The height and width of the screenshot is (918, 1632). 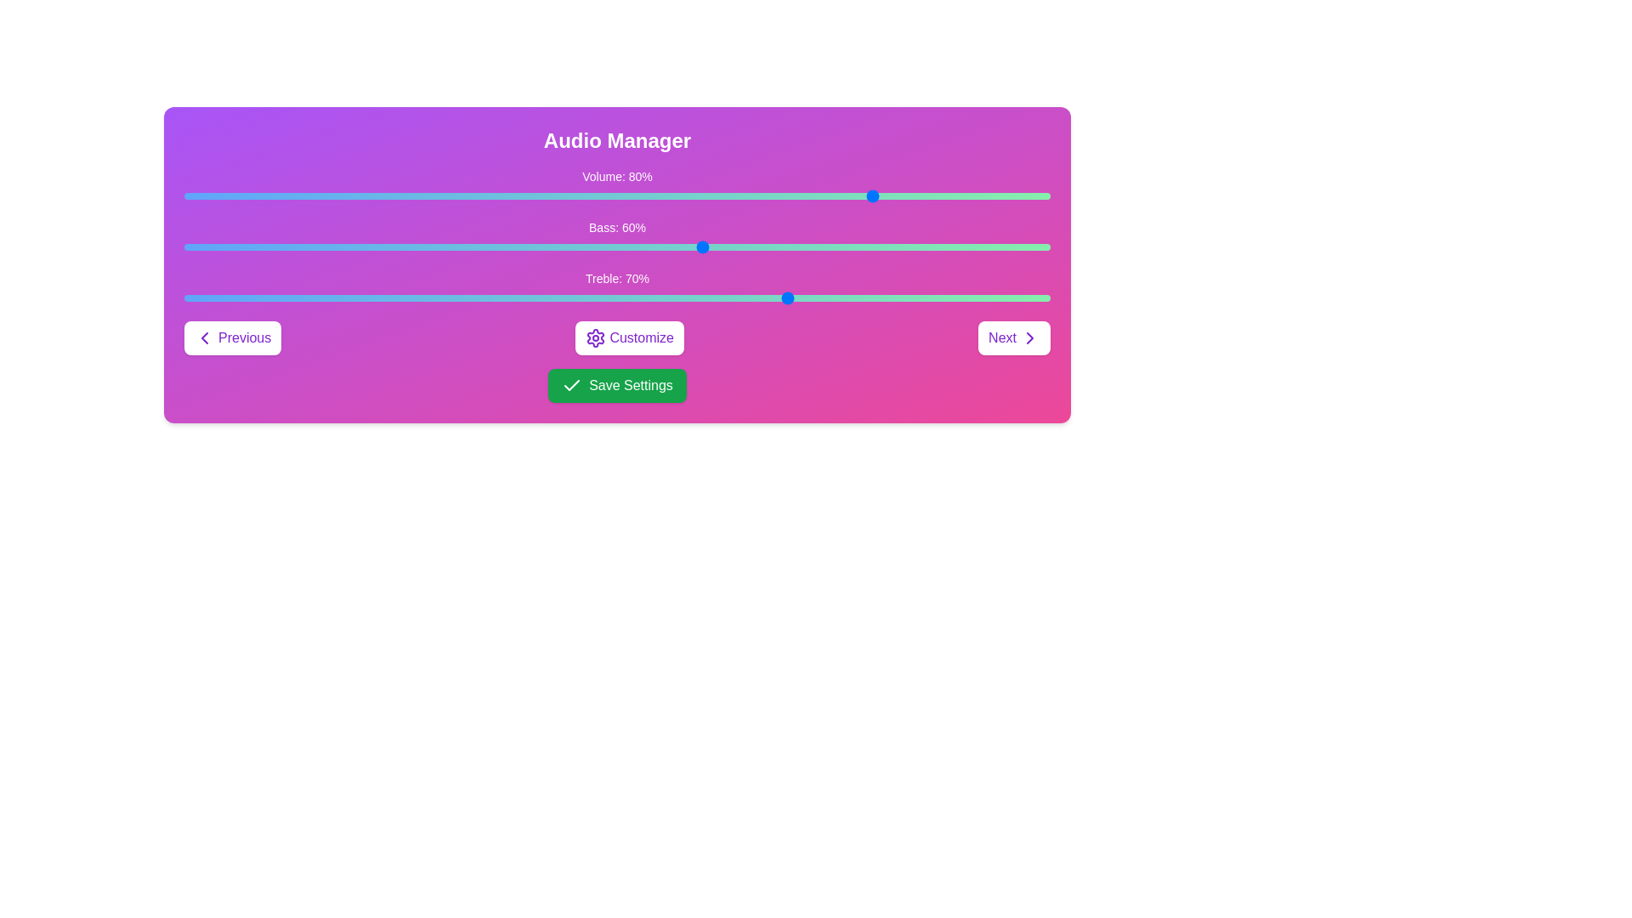 What do you see at coordinates (348, 297) in the screenshot?
I see `the slider` at bounding box center [348, 297].